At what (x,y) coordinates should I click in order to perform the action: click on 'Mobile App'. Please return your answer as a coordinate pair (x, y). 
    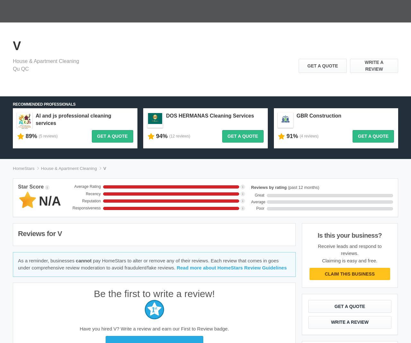
    Looking at the image, I should click on (122, 257).